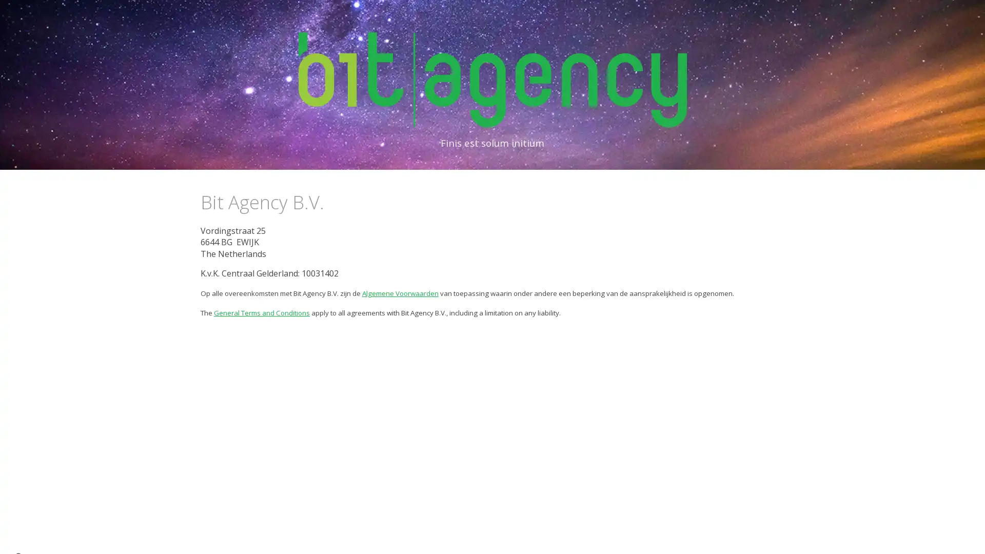 Image resolution: width=985 pixels, height=554 pixels. Describe the element at coordinates (404, 19) in the screenshot. I see `Skip to main content` at that location.